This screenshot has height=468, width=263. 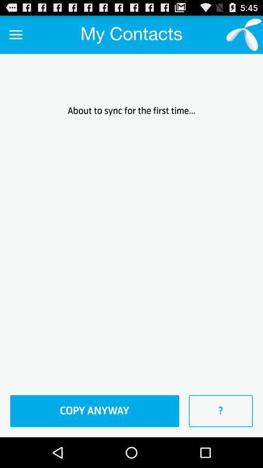 I want to click on the copy anyway icon, so click(x=94, y=410).